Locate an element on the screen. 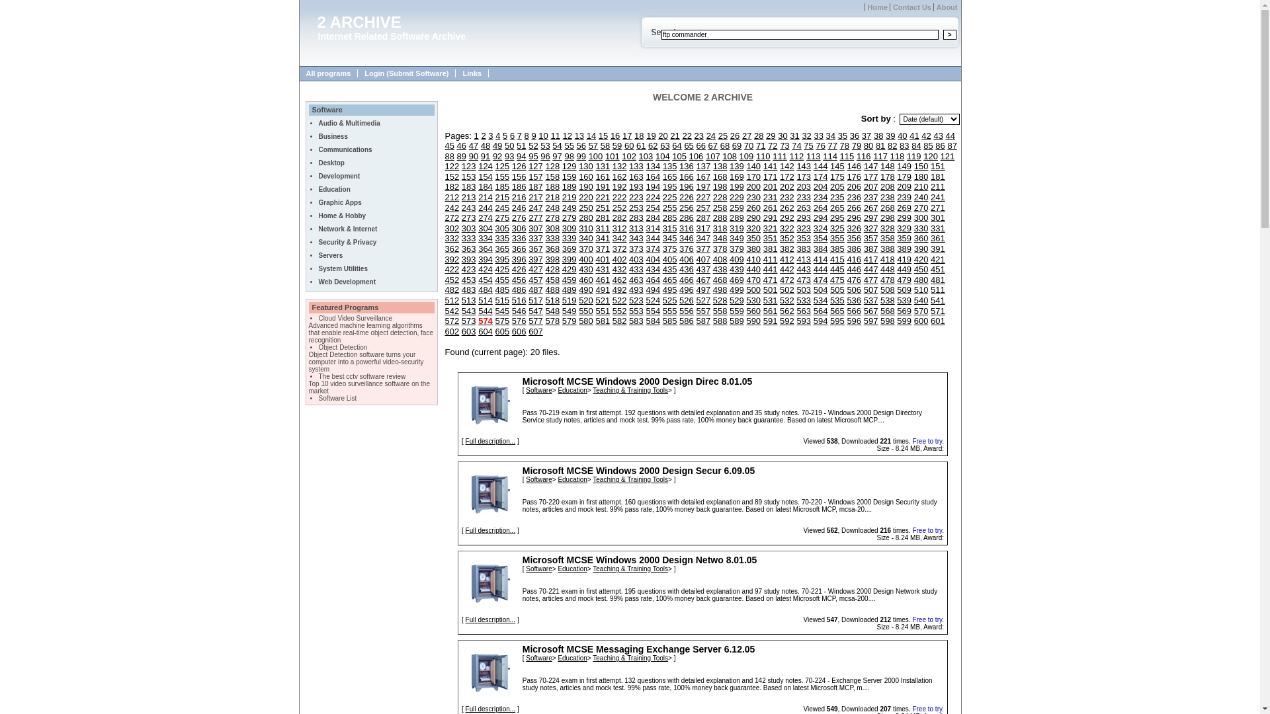 The image size is (1270, 714). '382' is located at coordinates (787, 249).